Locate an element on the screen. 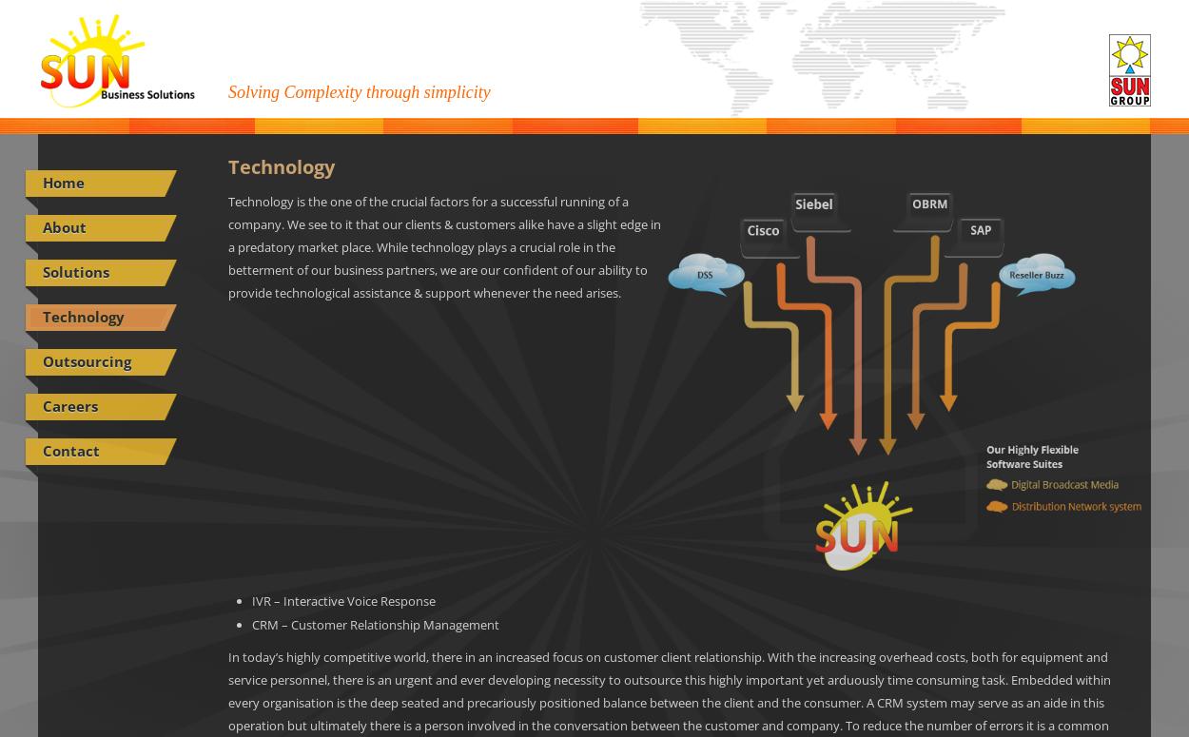 This screenshot has height=737, width=1189. 'Outsourcing' is located at coordinates (86, 360).